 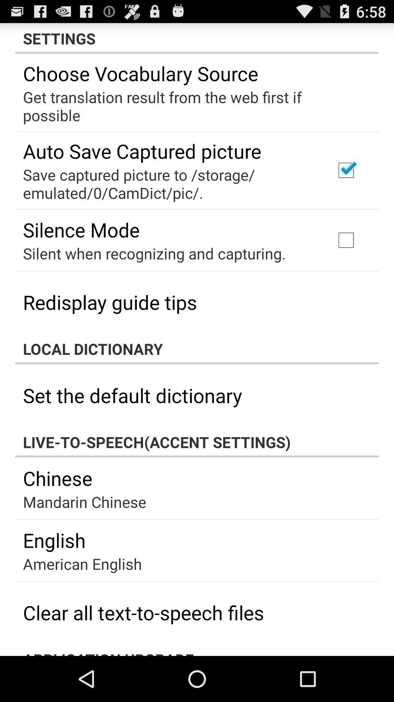 I want to click on get translation result icon, so click(x=192, y=106).